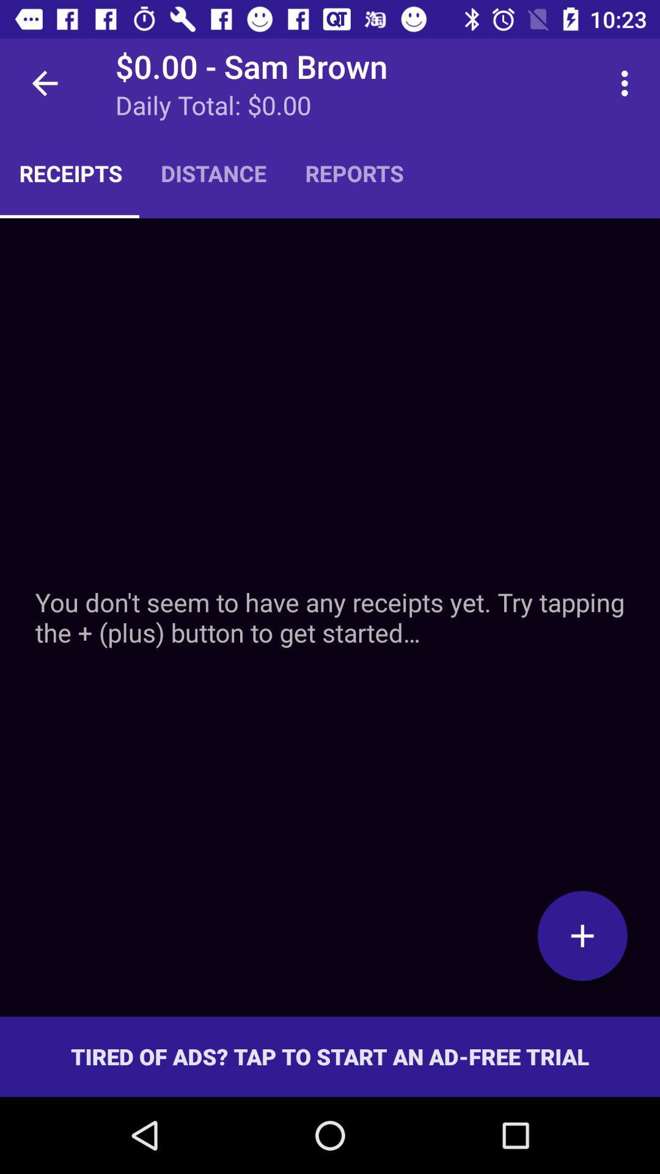 Image resolution: width=660 pixels, height=1174 pixels. I want to click on receipt, so click(330, 617).